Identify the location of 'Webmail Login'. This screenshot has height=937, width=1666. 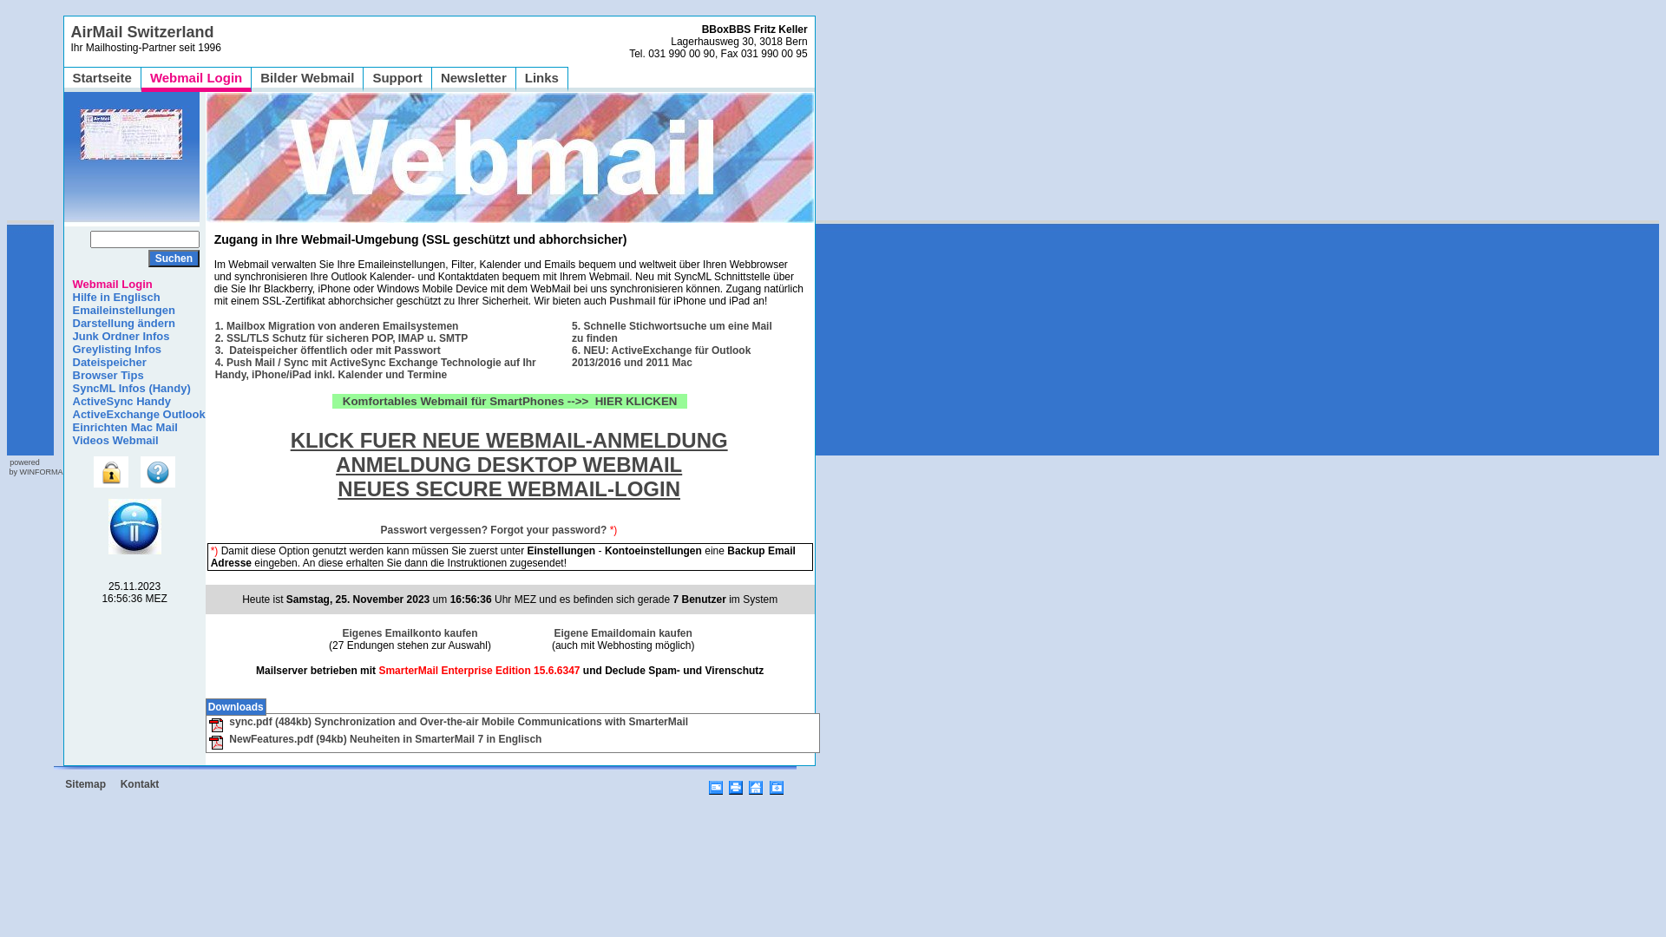
(107, 283).